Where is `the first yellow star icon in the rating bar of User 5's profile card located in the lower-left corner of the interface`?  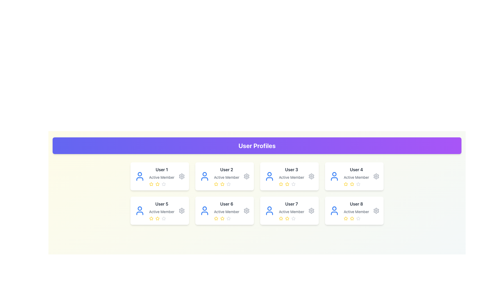 the first yellow star icon in the rating bar of User 5's profile card located in the lower-left corner of the interface is located at coordinates (151, 219).